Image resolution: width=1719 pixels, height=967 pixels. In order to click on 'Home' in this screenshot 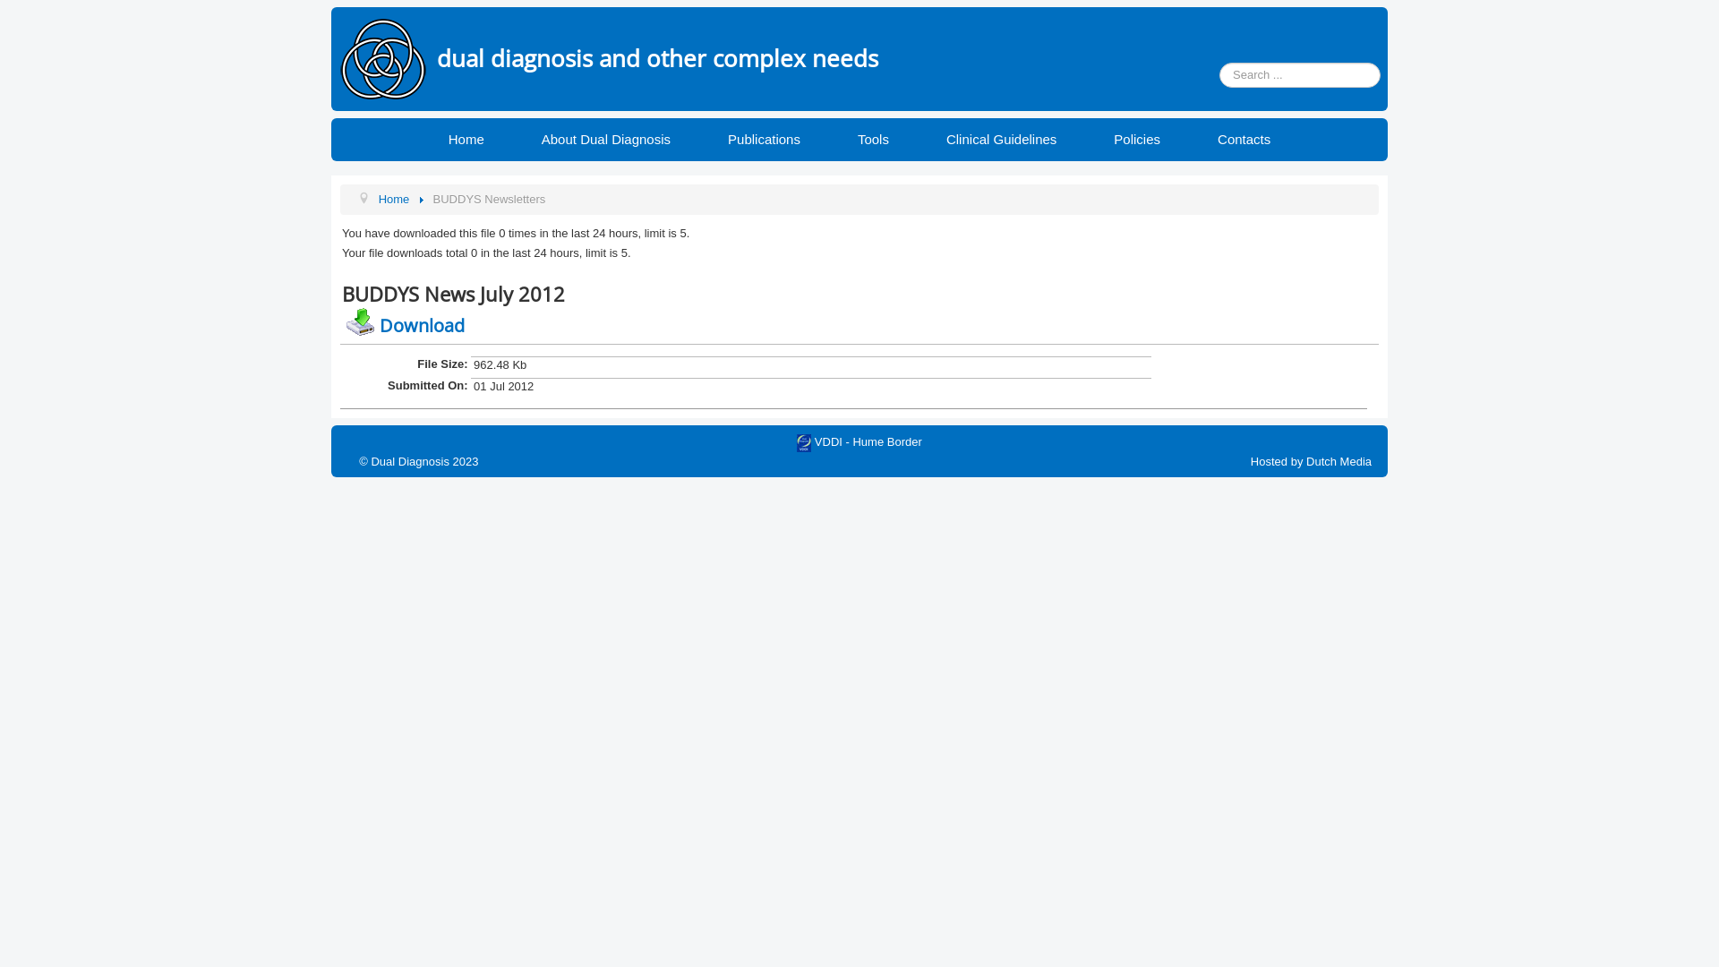, I will do `click(466, 138)`.